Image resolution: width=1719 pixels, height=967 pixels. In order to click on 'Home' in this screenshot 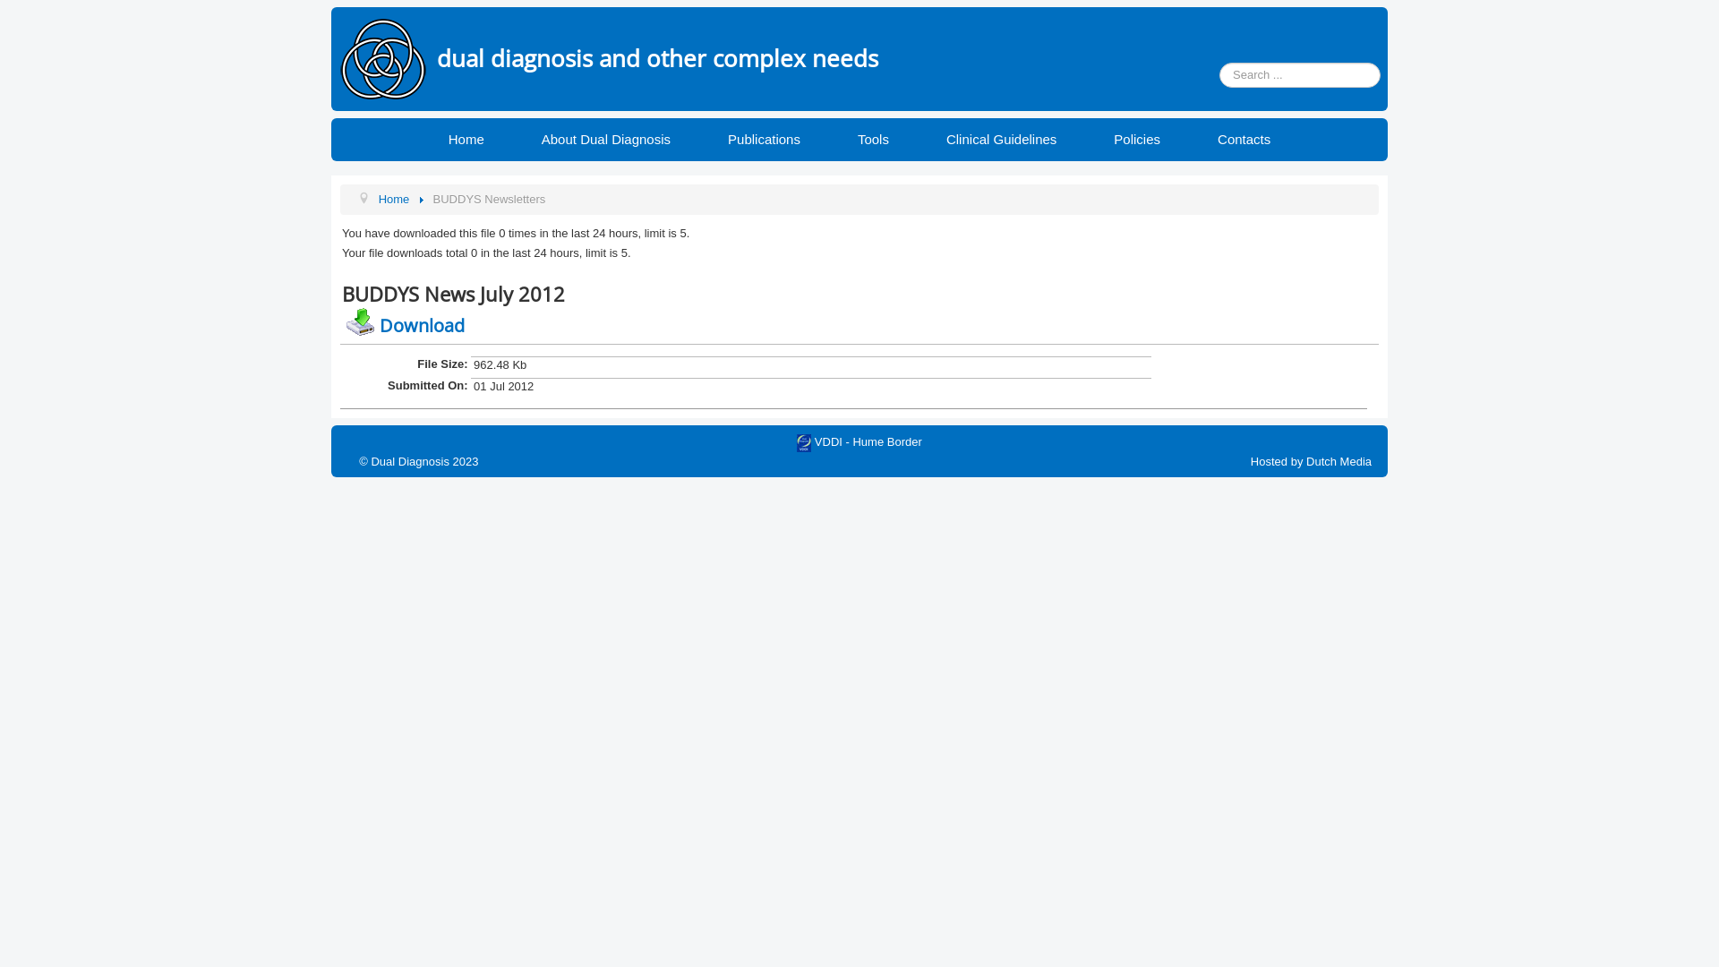, I will do `click(466, 138)`.